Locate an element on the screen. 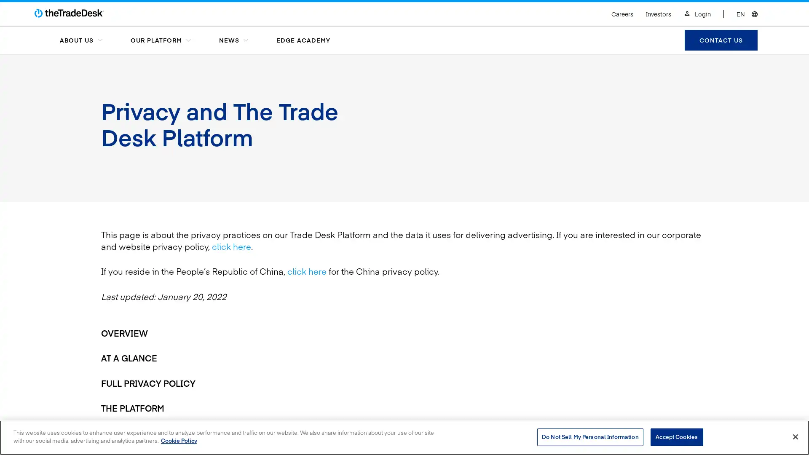 The image size is (809, 455). Accept Cookies is located at coordinates (676, 436).